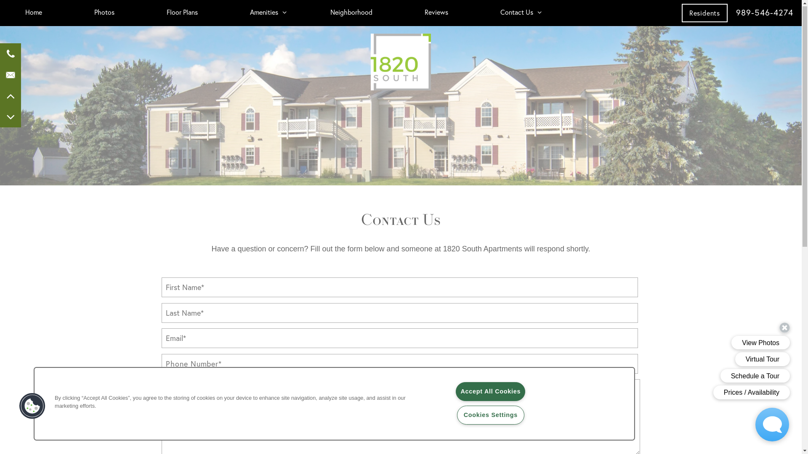 The height and width of the screenshot is (454, 808). Describe the element at coordinates (10, 117) in the screenshot. I see `'Scroll Down'` at that location.